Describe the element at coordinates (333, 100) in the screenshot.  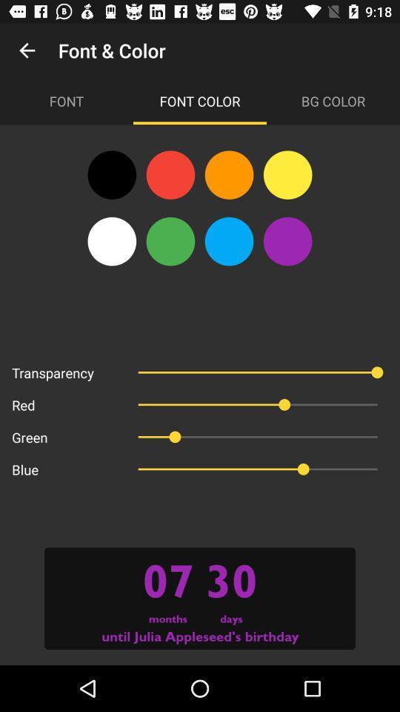
I see `the bg color item` at that location.